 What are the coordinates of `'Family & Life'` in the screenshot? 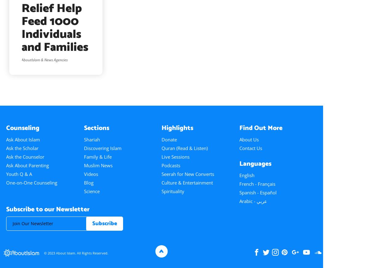 It's located at (98, 156).